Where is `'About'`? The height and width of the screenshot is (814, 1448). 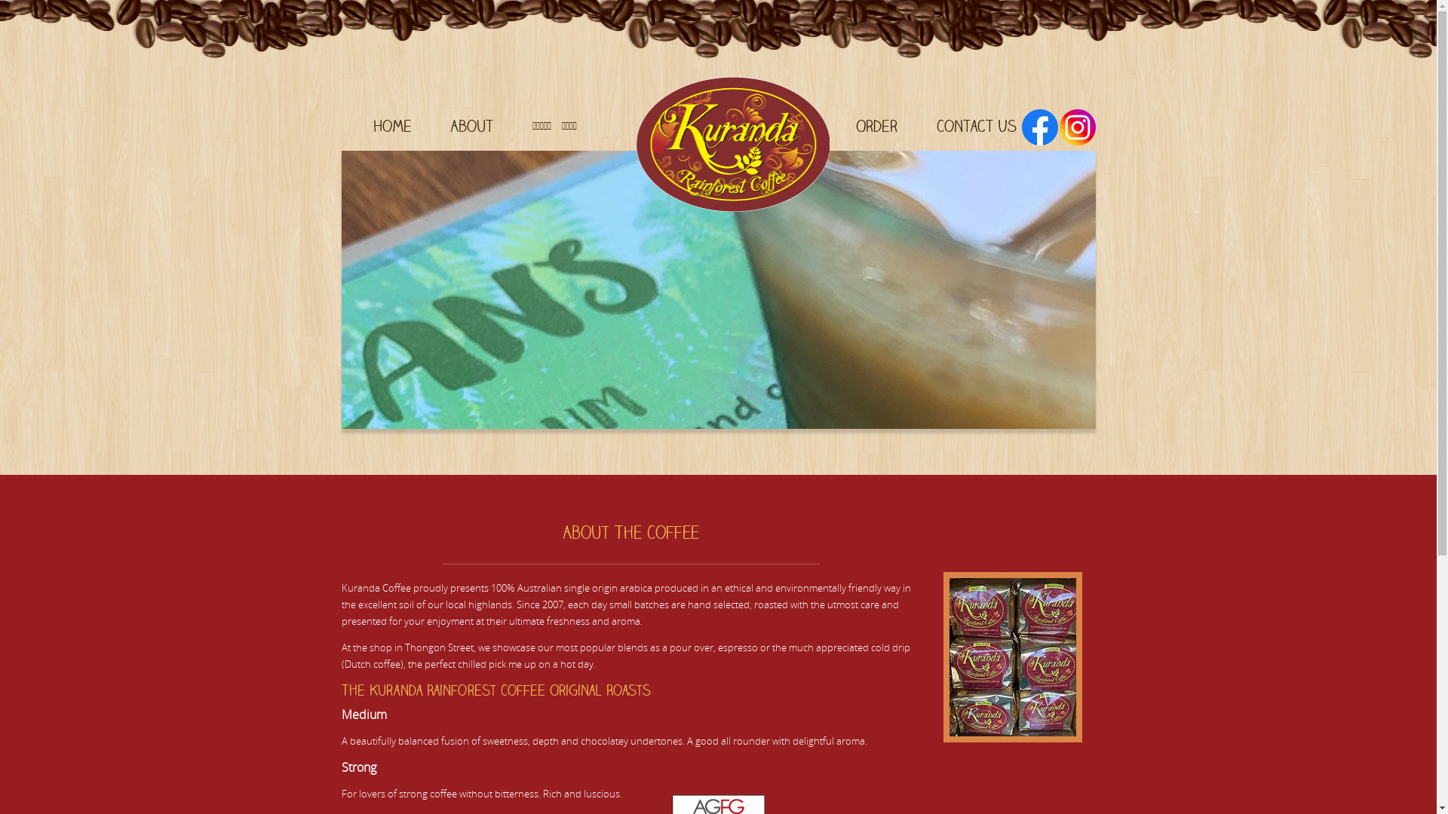
'About' is located at coordinates (471, 124).